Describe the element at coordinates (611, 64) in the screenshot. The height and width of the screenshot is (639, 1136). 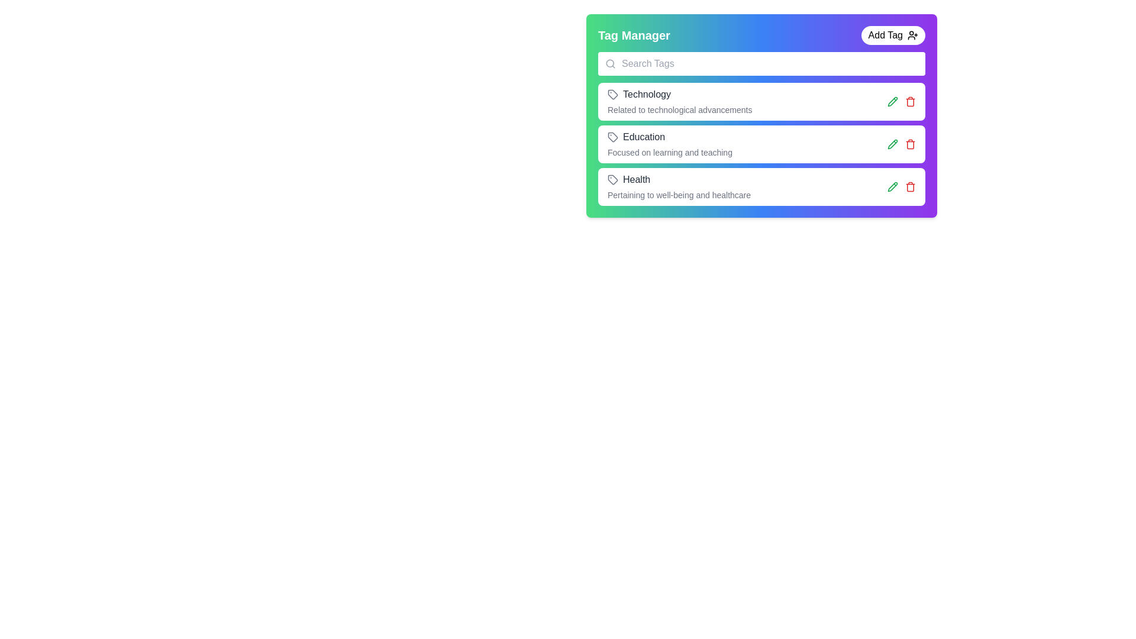
I see `the search magnifier SVG icon located adjacent to the left side of the 'Search Tags' input field` at that location.